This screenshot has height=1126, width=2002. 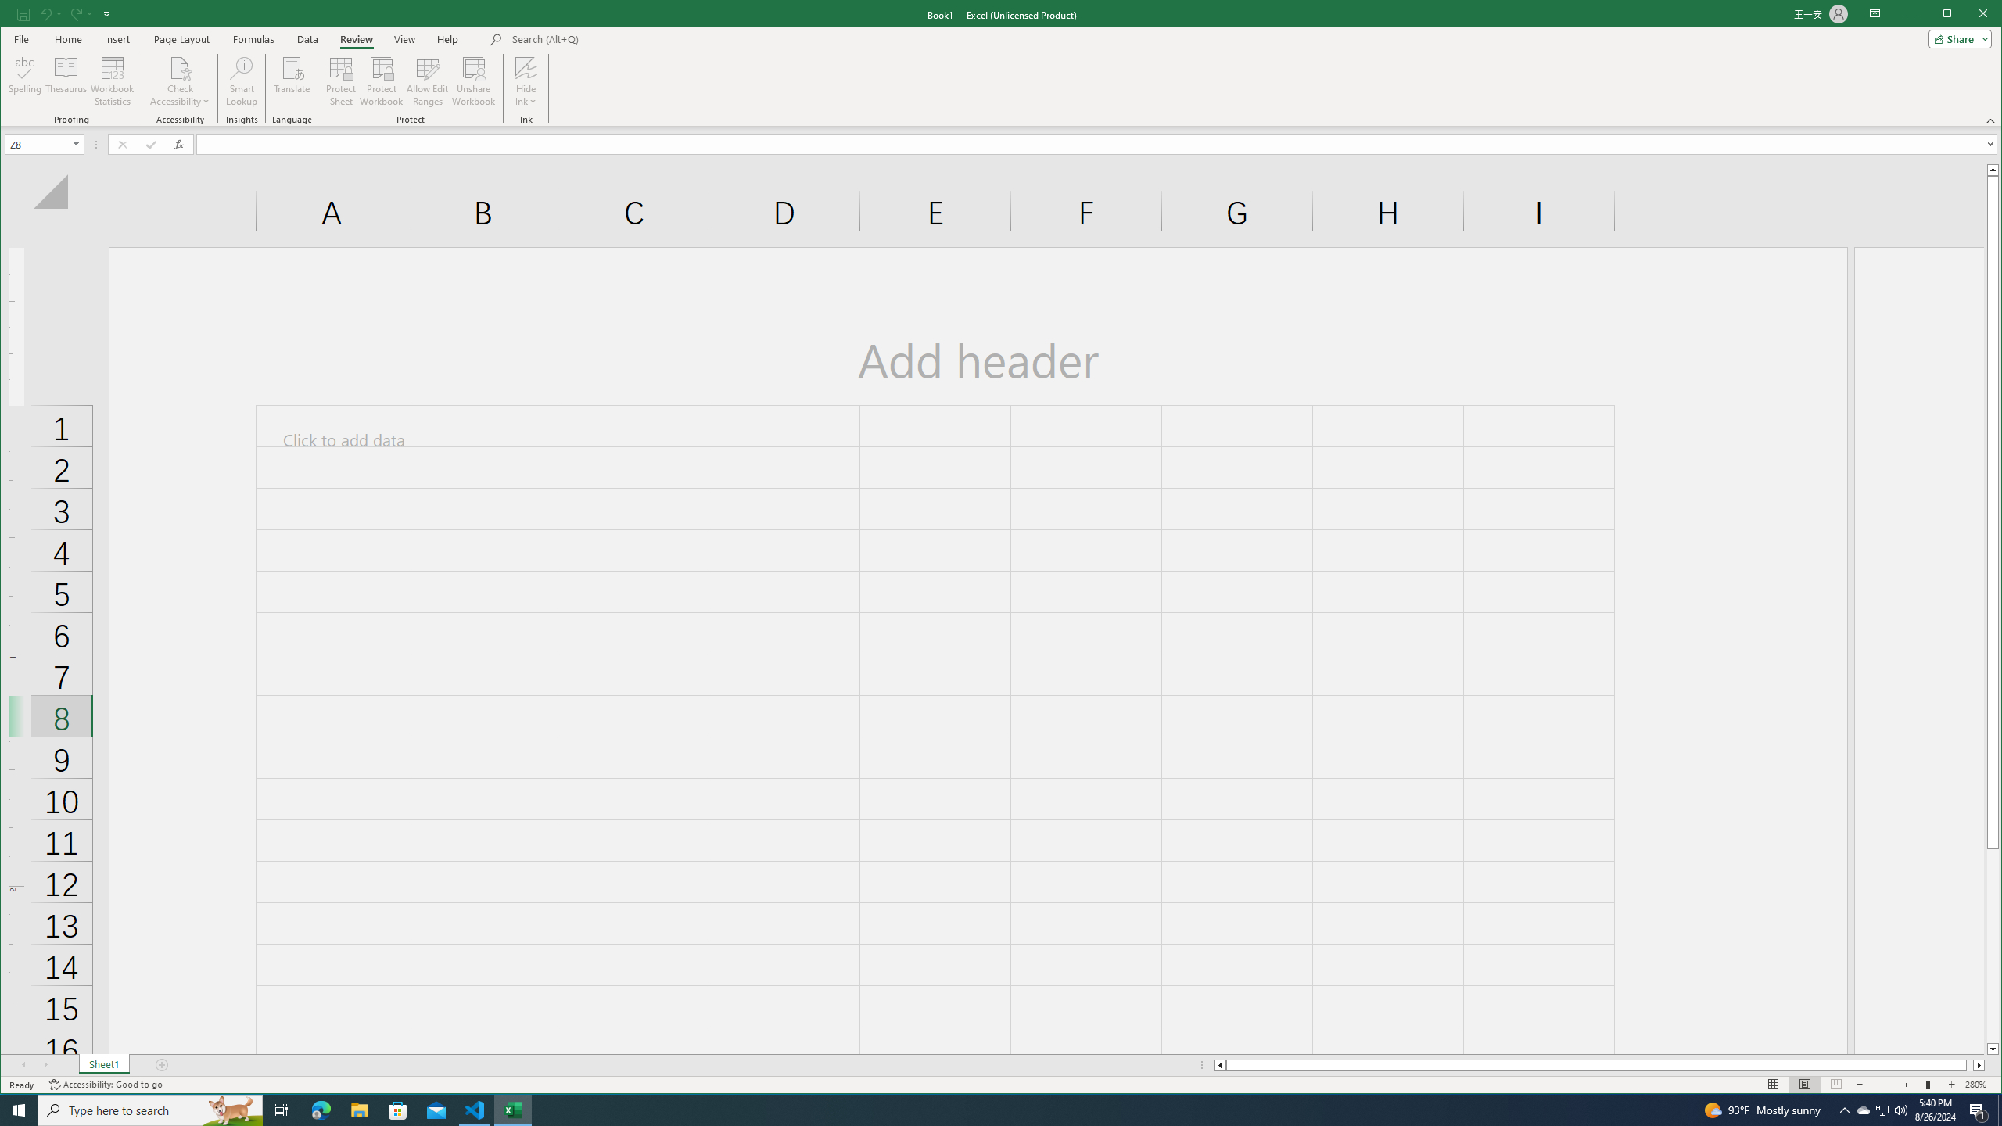 What do you see at coordinates (404, 38) in the screenshot?
I see `'View'` at bounding box center [404, 38].